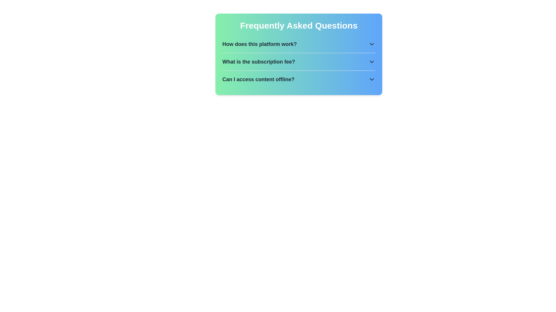 Image resolution: width=556 pixels, height=312 pixels. What do you see at coordinates (372, 44) in the screenshot?
I see `the toggle icon for expanding or collapsing the section associated with the question row titled 'How does this platform work?'` at bounding box center [372, 44].